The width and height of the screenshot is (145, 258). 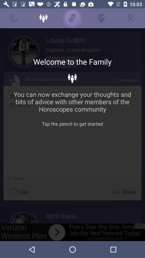 I want to click on the white icon below welcome to the family, so click(x=73, y=78).